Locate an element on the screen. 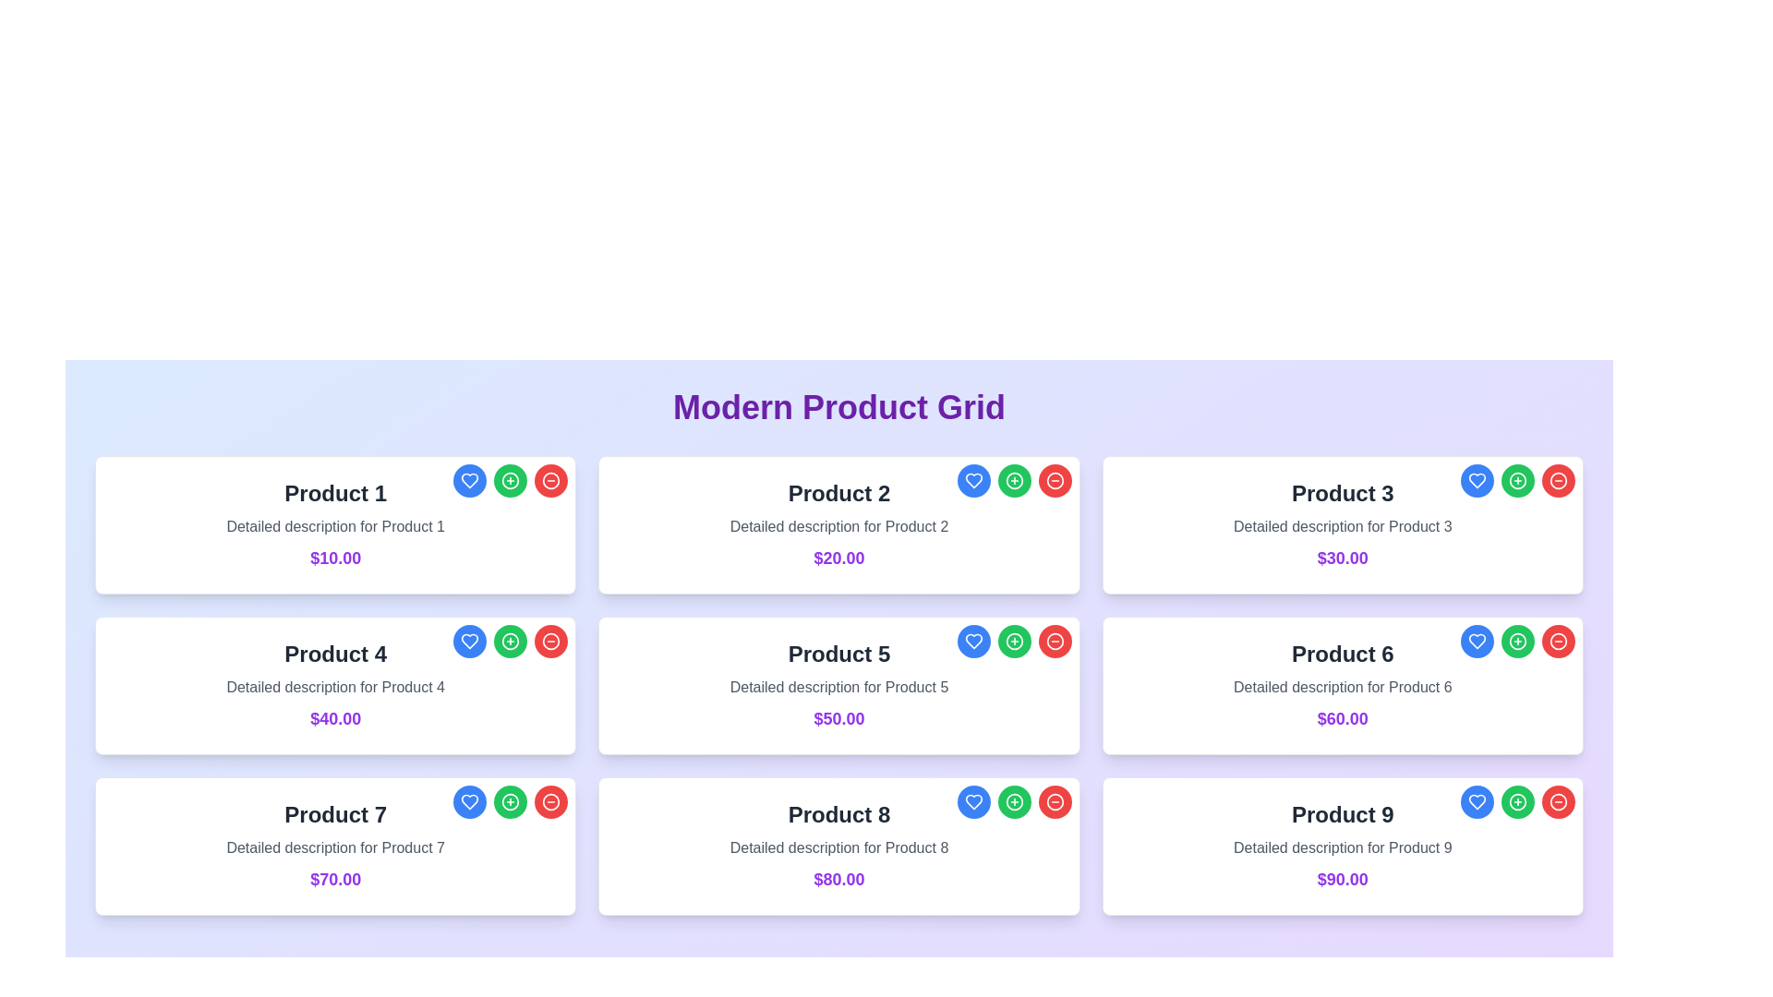  the circular red button with a white minus icon, located in the top-right corner of the card for 'Product 6' is located at coordinates (1558, 640).